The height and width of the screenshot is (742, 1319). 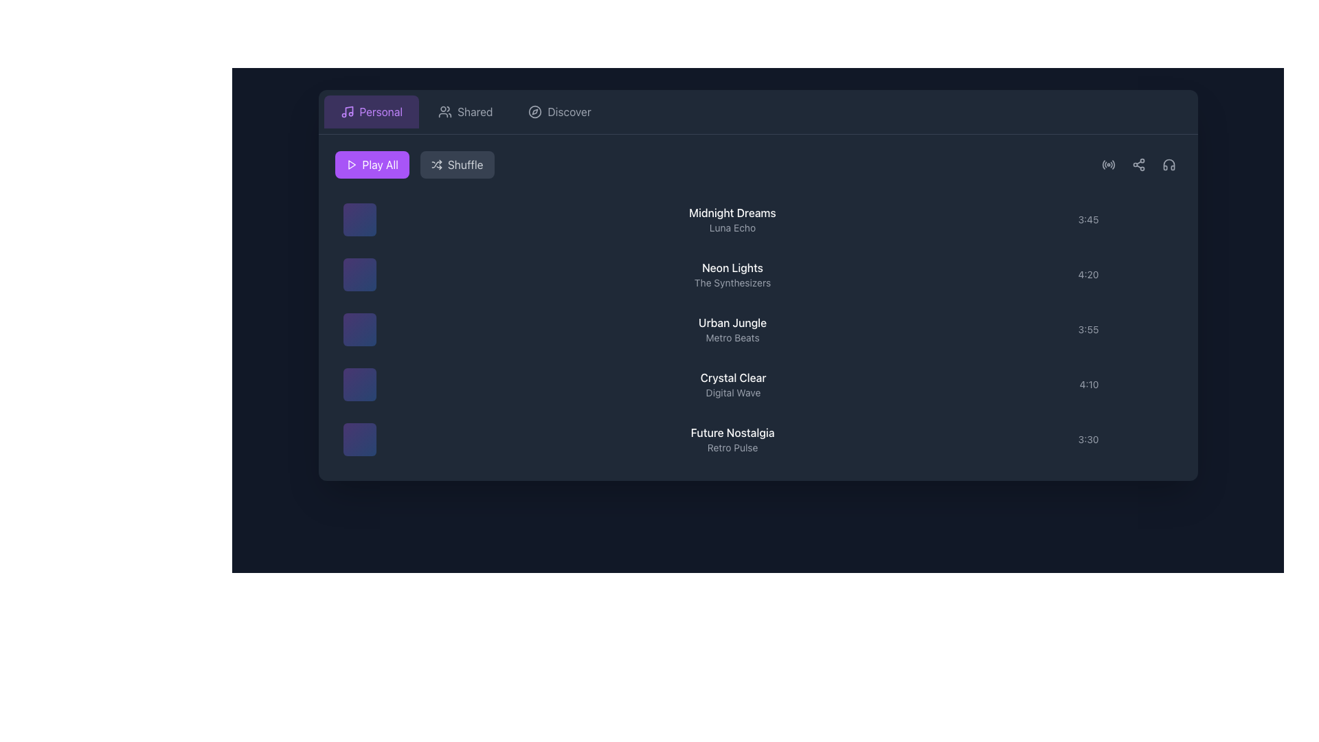 I want to click on the small circular gray button with a plus sign glyph that changes to purple when hovered, located to the right of the timestamp '3:45', so click(x=1141, y=219).